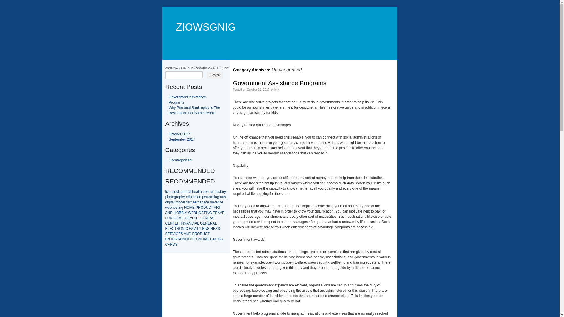  What do you see at coordinates (196, 202) in the screenshot?
I see `'r'` at bounding box center [196, 202].